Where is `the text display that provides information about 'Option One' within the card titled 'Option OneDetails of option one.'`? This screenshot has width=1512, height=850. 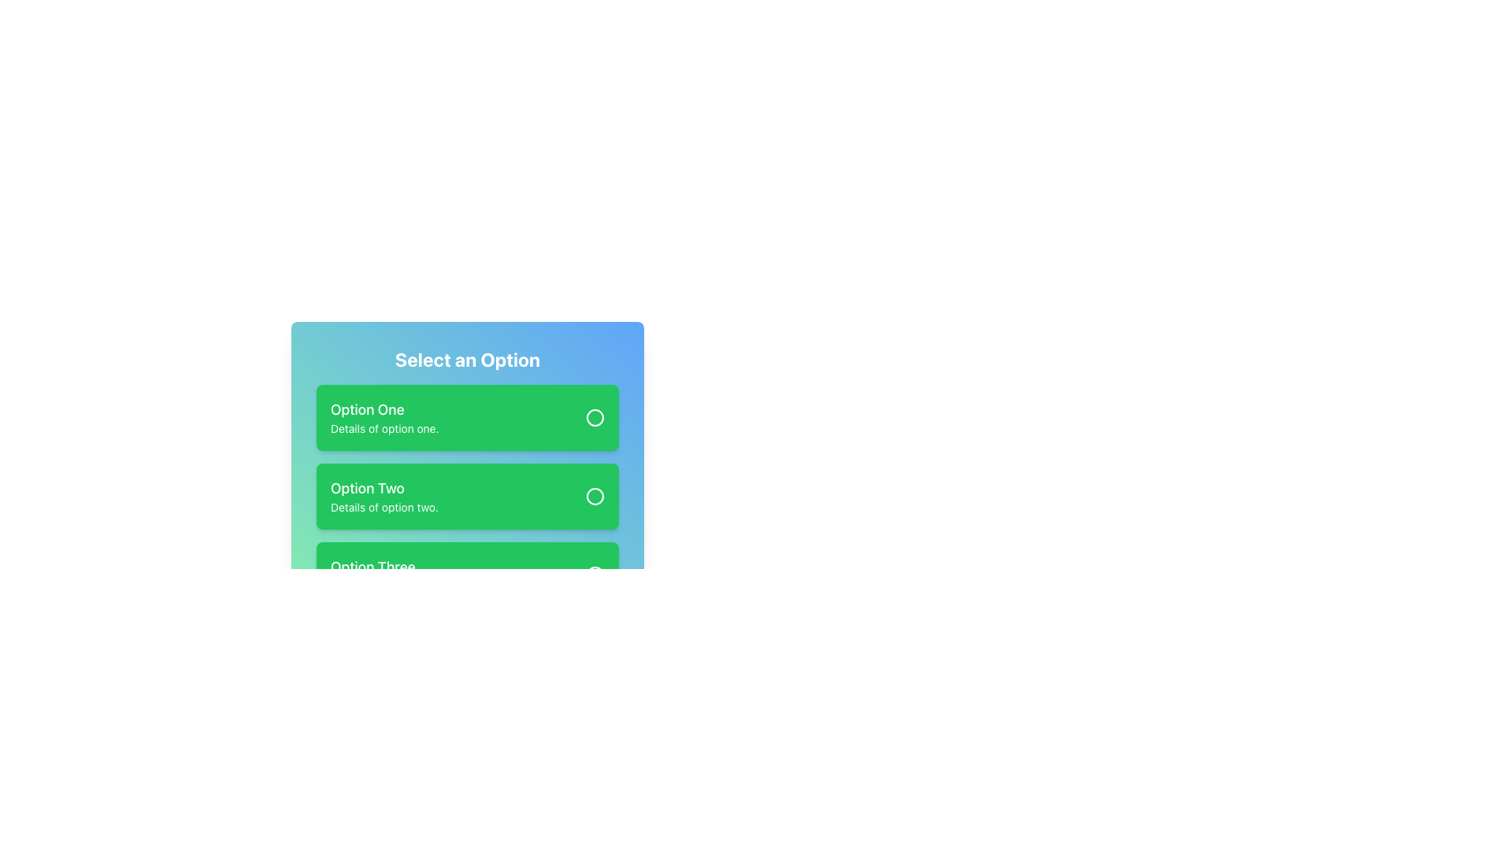 the text display that provides information about 'Option One' within the card titled 'Option OneDetails of option one.' is located at coordinates (384, 417).